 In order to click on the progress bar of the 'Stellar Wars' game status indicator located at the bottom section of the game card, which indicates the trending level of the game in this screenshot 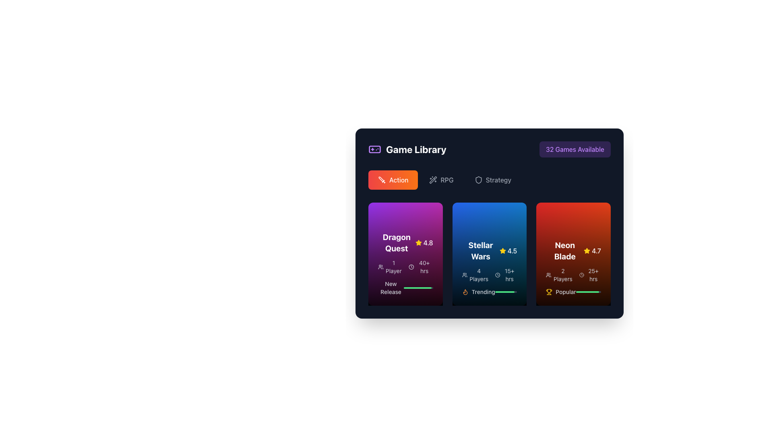, I will do `click(489, 292)`.